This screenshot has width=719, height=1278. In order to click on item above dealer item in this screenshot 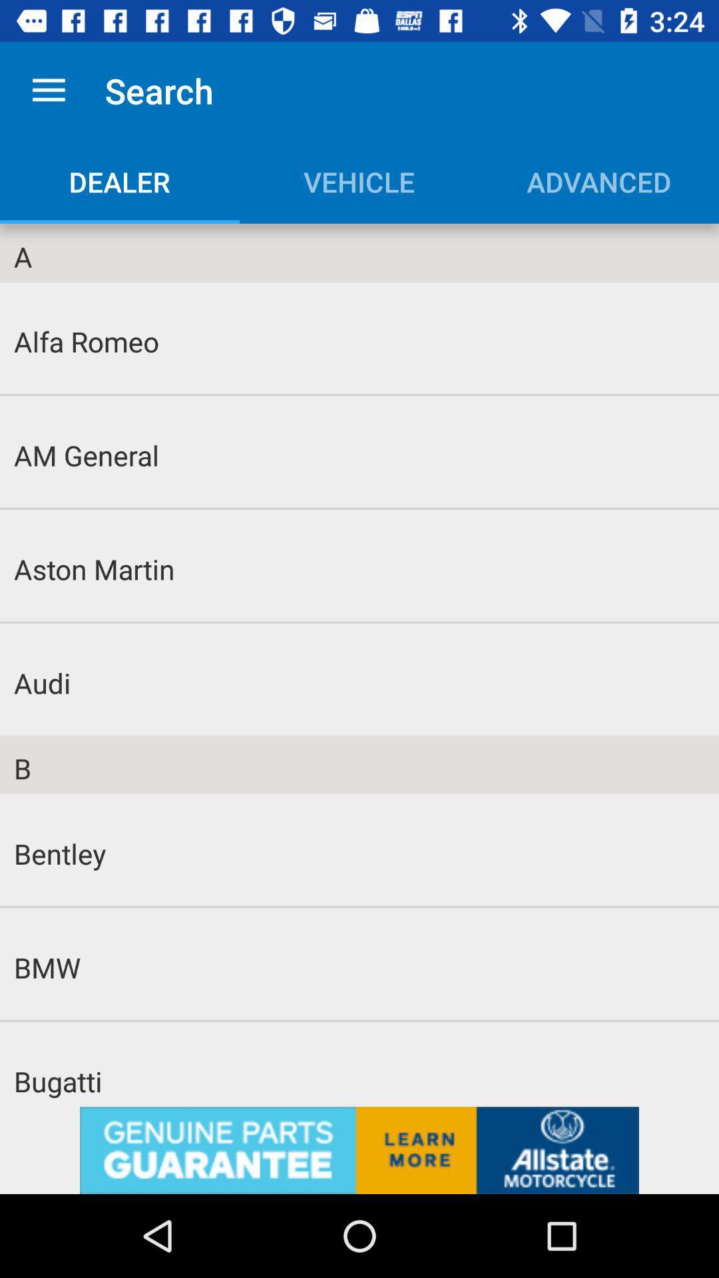, I will do `click(48, 90)`.